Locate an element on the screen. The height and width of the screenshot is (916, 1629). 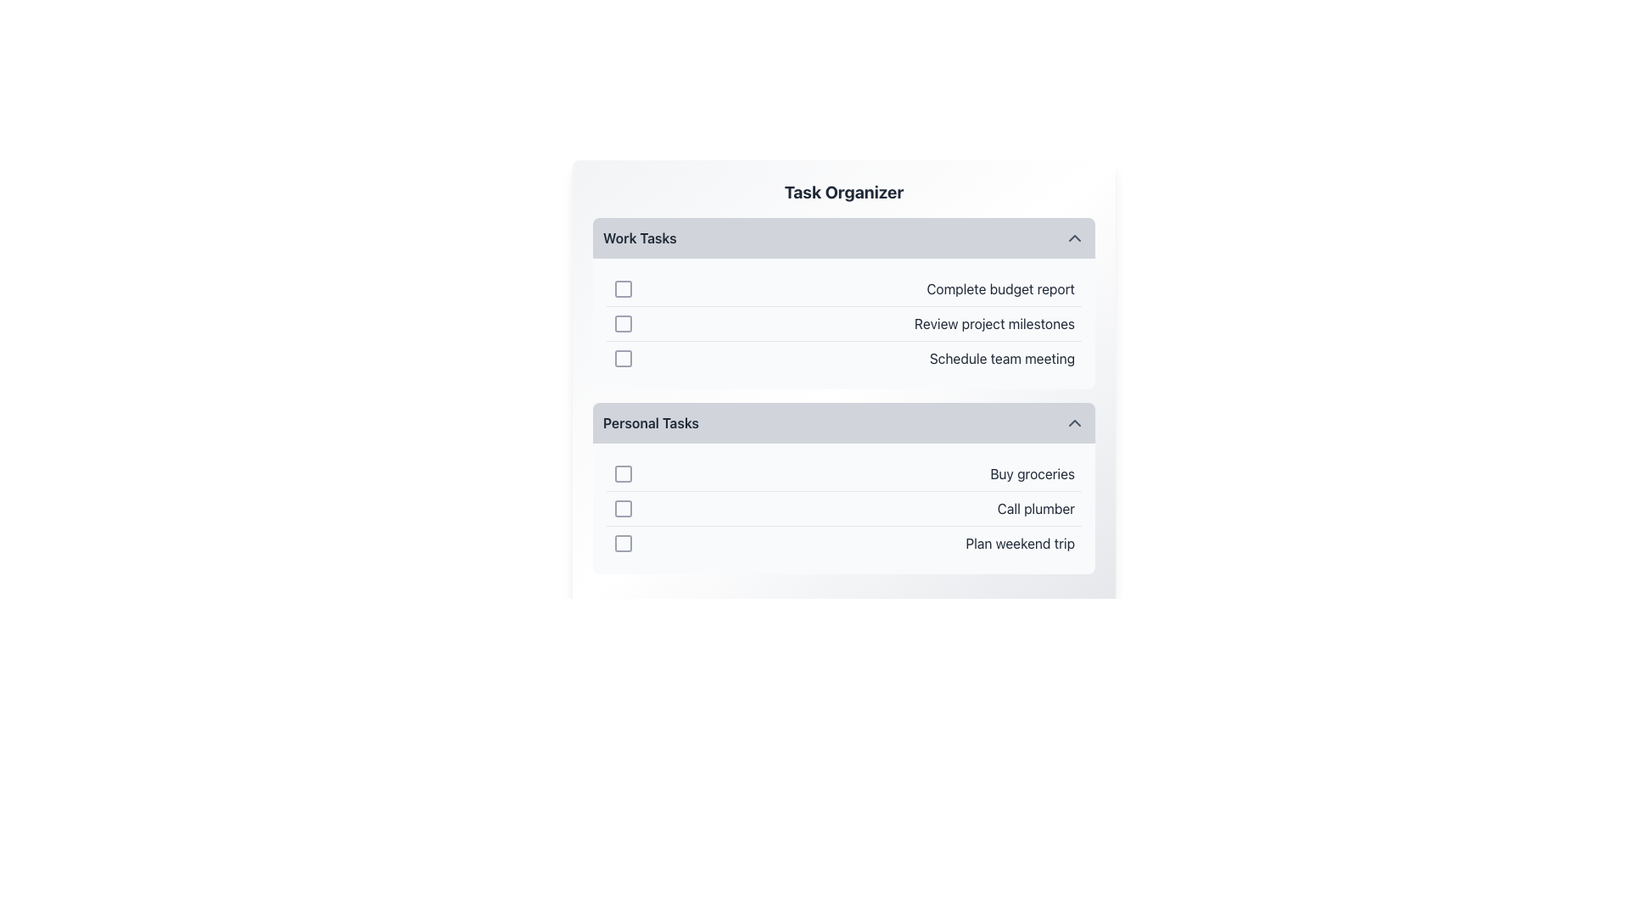
'Personal Tasks' text label which is styled in bold and serves as a section header for personal tasks is located at coordinates (650, 422).